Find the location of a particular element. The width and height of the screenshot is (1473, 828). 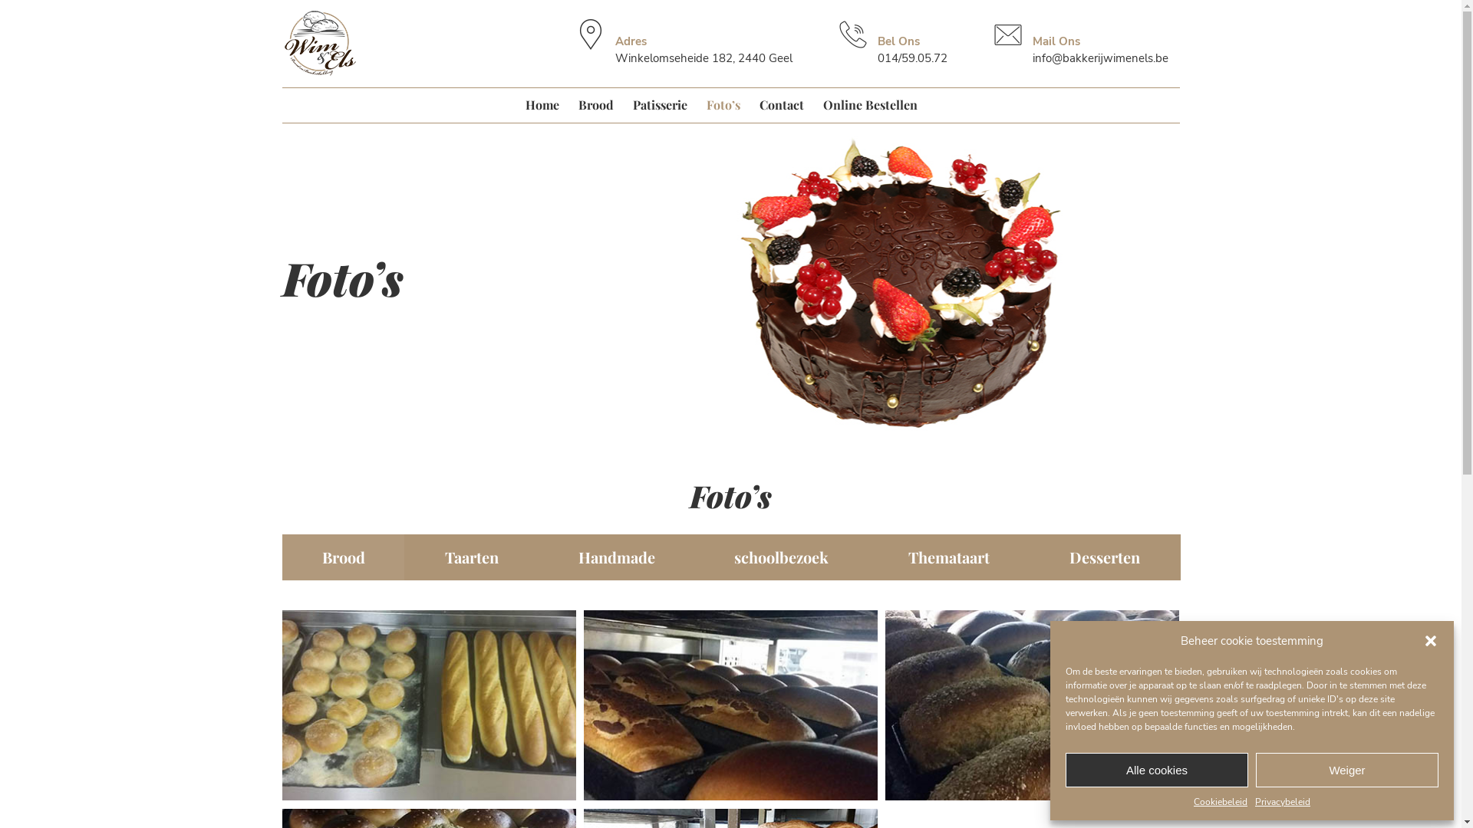

'Handmade' is located at coordinates (616, 556).